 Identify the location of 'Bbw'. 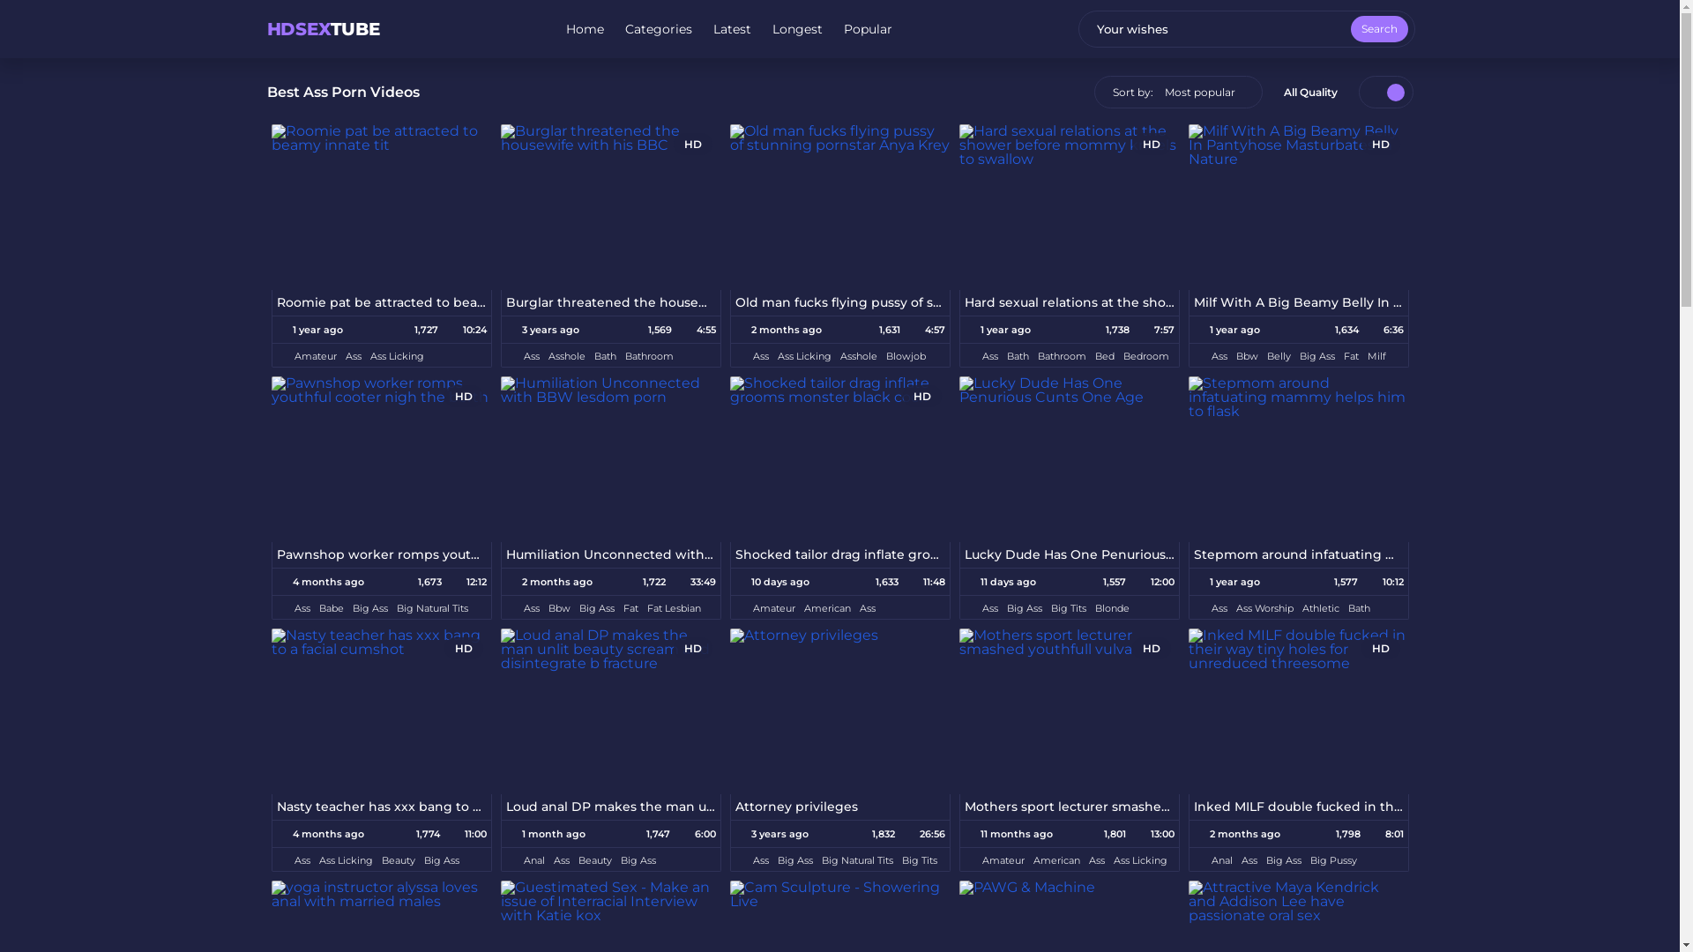
(1246, 356).